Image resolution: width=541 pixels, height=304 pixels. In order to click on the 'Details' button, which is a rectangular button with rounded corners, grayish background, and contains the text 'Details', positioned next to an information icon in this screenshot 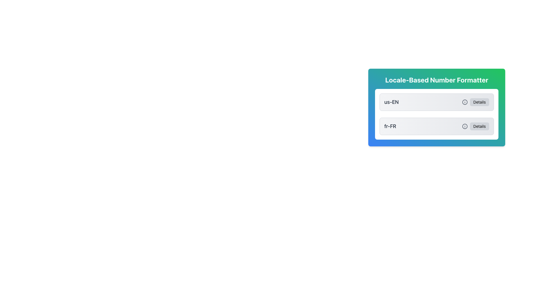, I will do `click(475, 102)`.